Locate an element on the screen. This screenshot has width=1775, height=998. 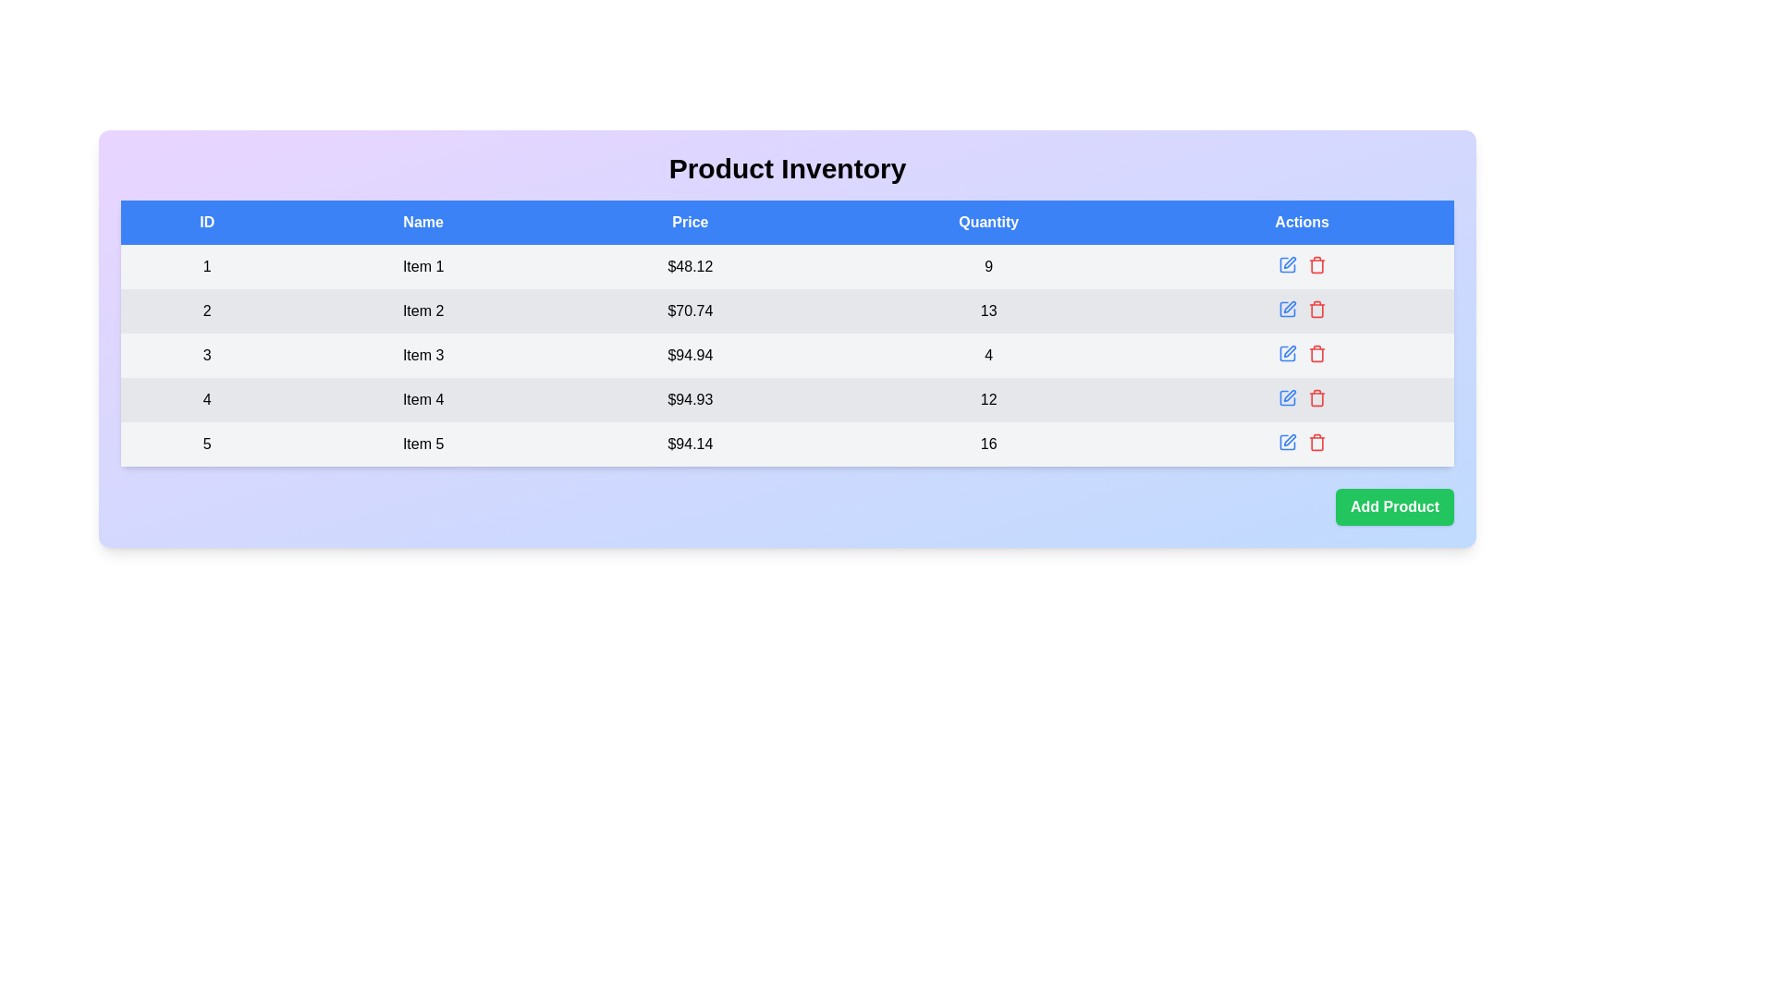
the edit action icon located in the 'Actions' column of the first row within the table is located at coordinates (1286, 264).